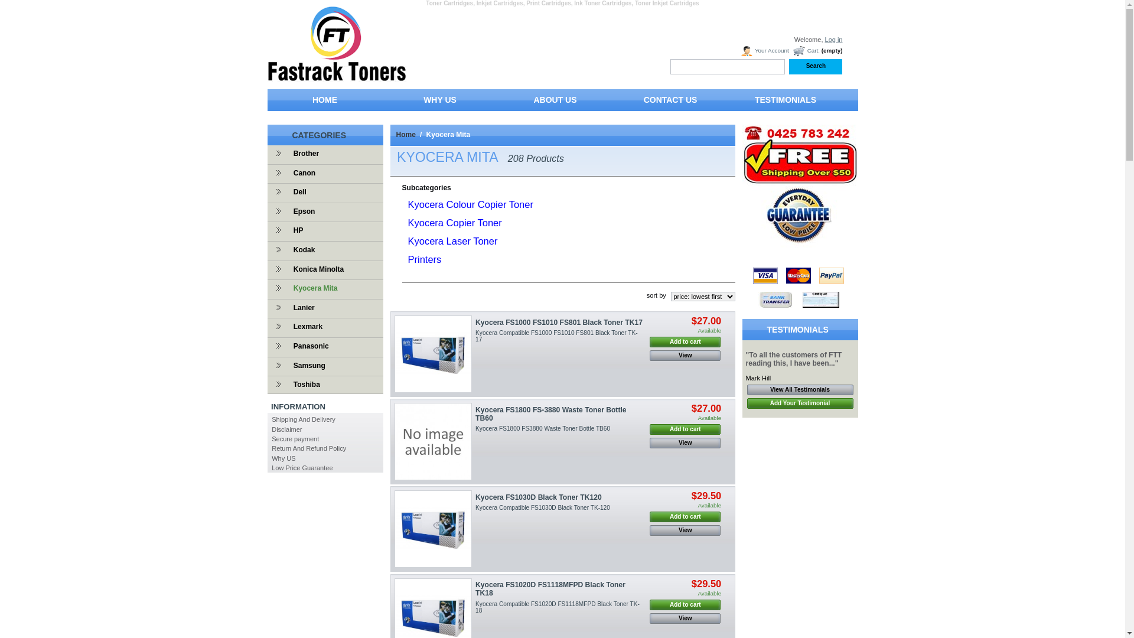 The height and width of the screenshot is (638, 1134). I want to click on 'Kyocera Copier Toner', so click(454, 223).